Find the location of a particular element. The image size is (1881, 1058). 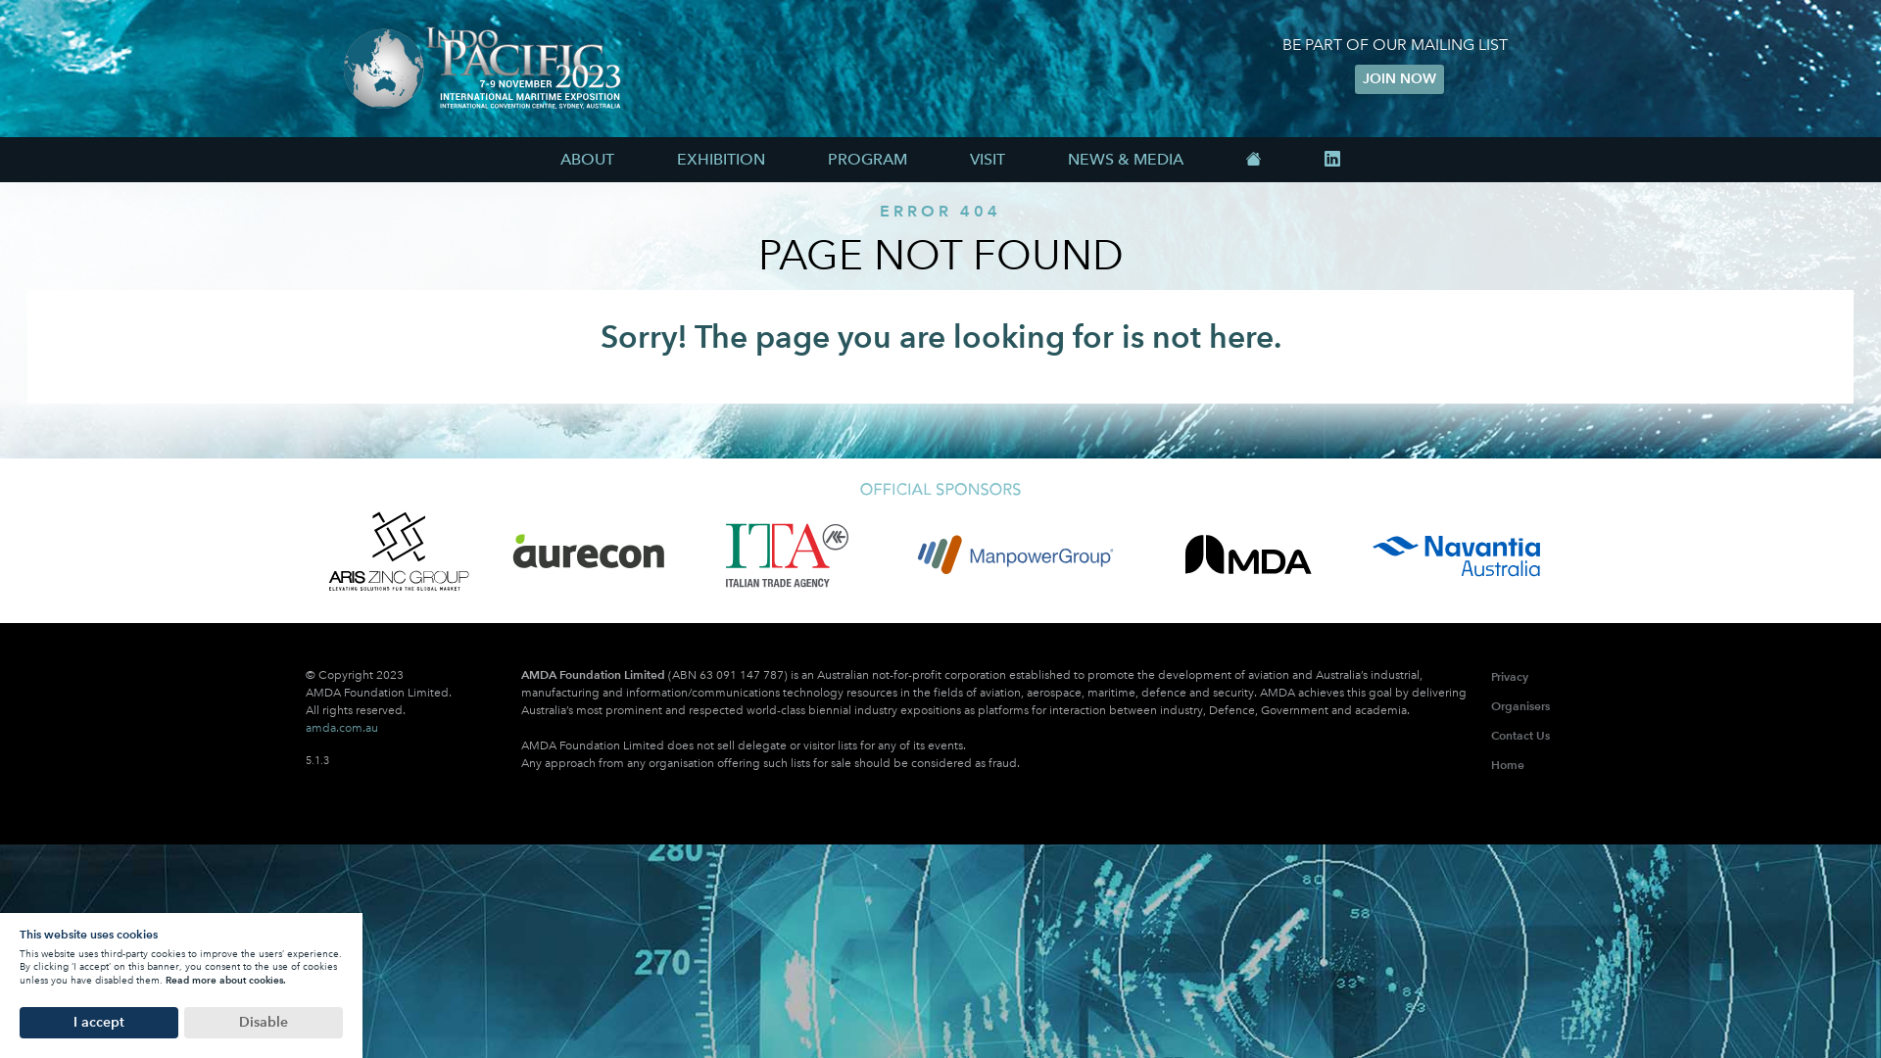

'Disable' is located at coordinates (262, 1022).